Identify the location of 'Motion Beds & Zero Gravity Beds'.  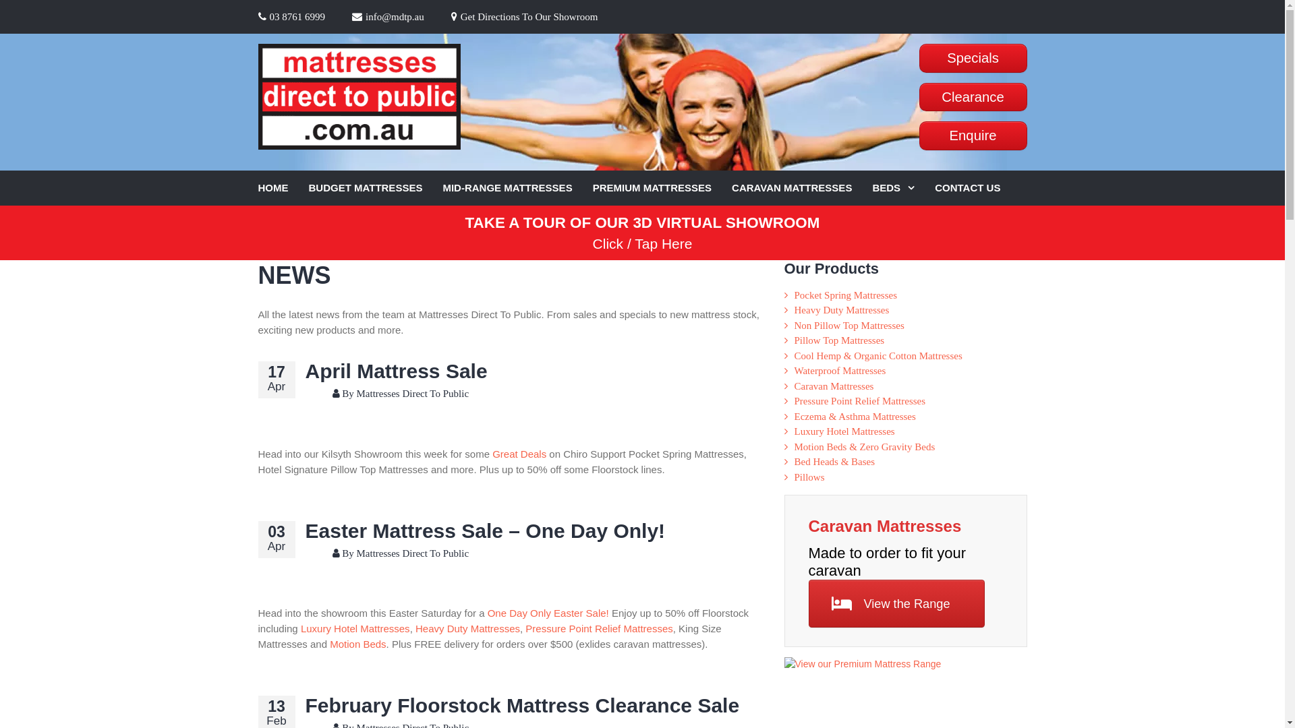
(865, 447).